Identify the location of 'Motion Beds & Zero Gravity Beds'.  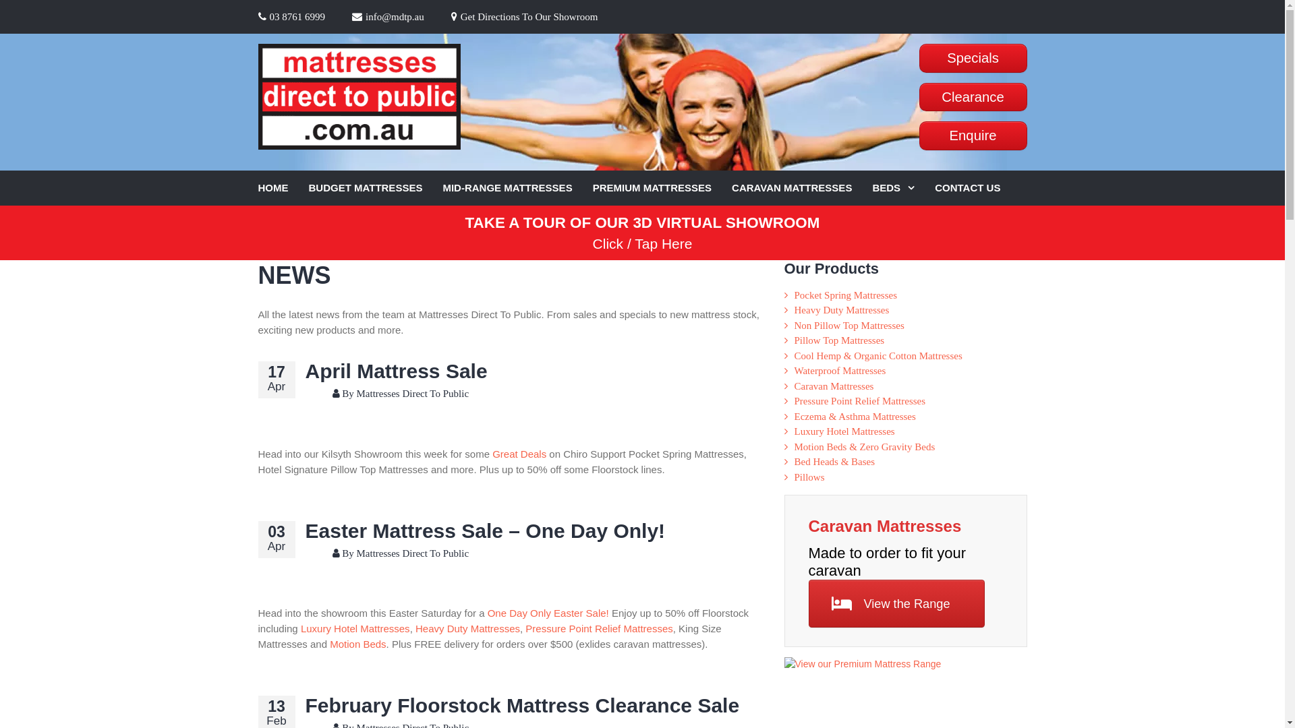
(865, 447).